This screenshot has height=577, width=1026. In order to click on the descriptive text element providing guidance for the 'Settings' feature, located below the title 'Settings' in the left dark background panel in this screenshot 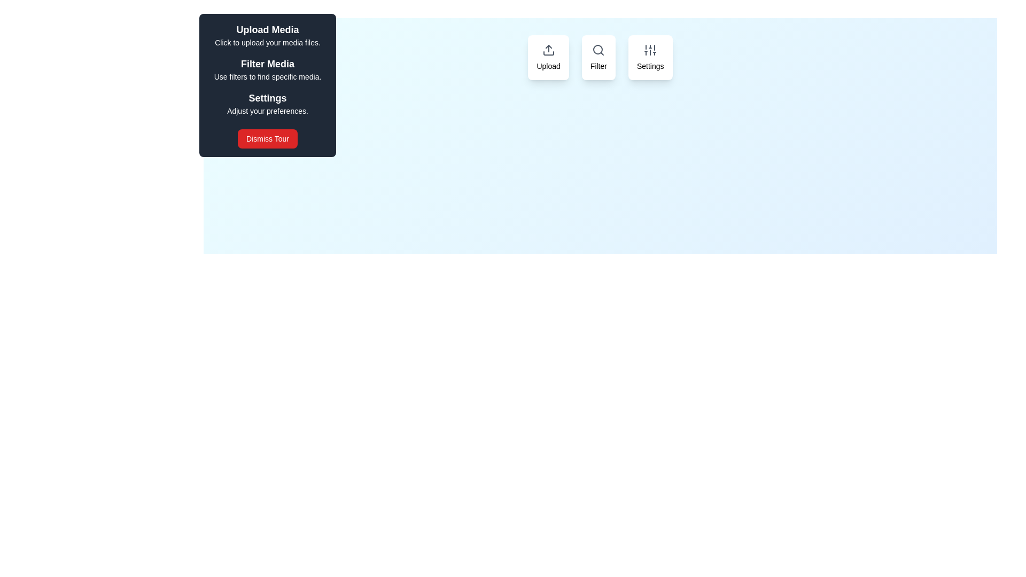, I will do `click(267, 111)`.